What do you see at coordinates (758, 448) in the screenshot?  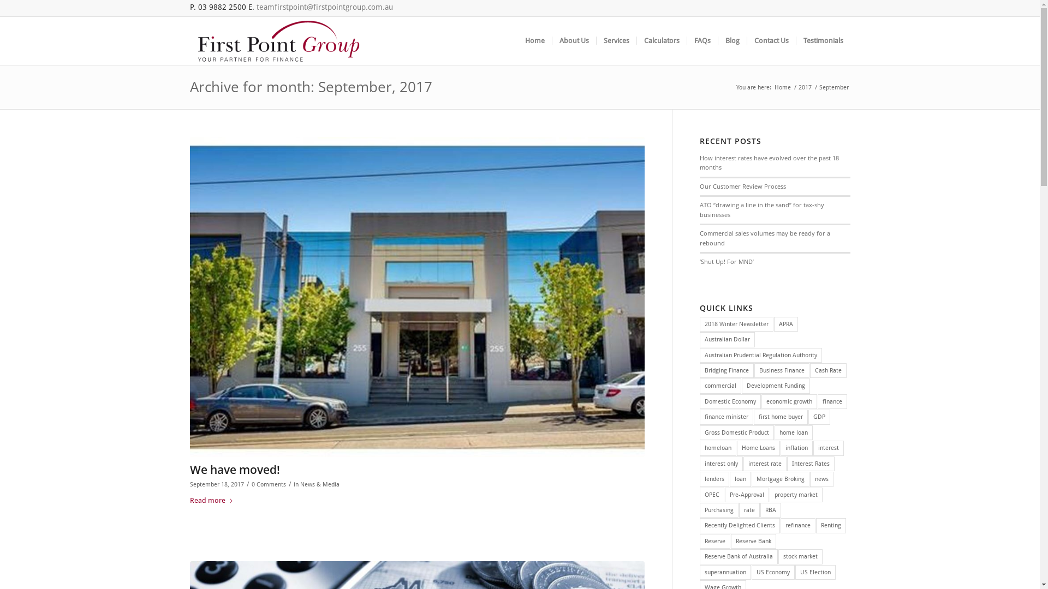 I see `'Home Loans'` at bounding box center [758, 448].